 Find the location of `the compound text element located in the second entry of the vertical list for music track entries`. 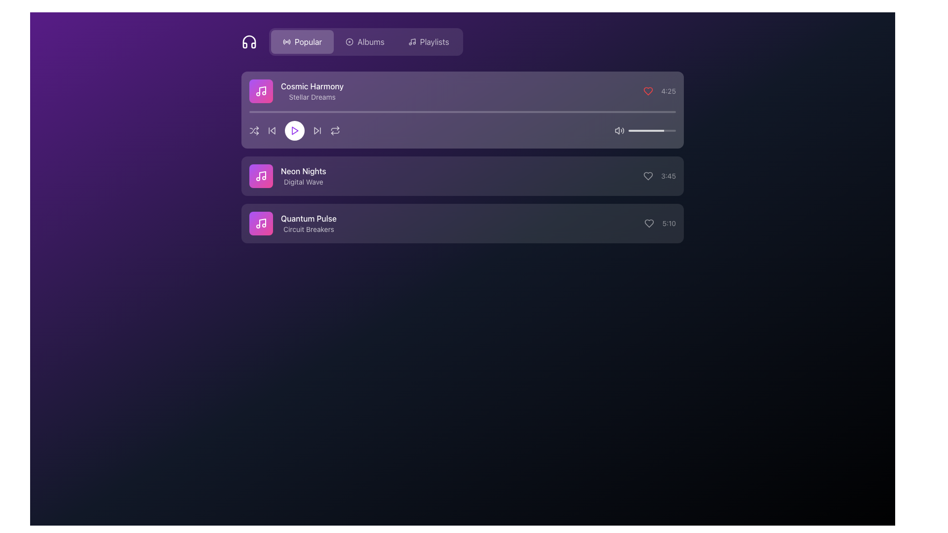

the compound text element located in the second entry of the vertical list for music track entries is located at coordinates (287, 176).